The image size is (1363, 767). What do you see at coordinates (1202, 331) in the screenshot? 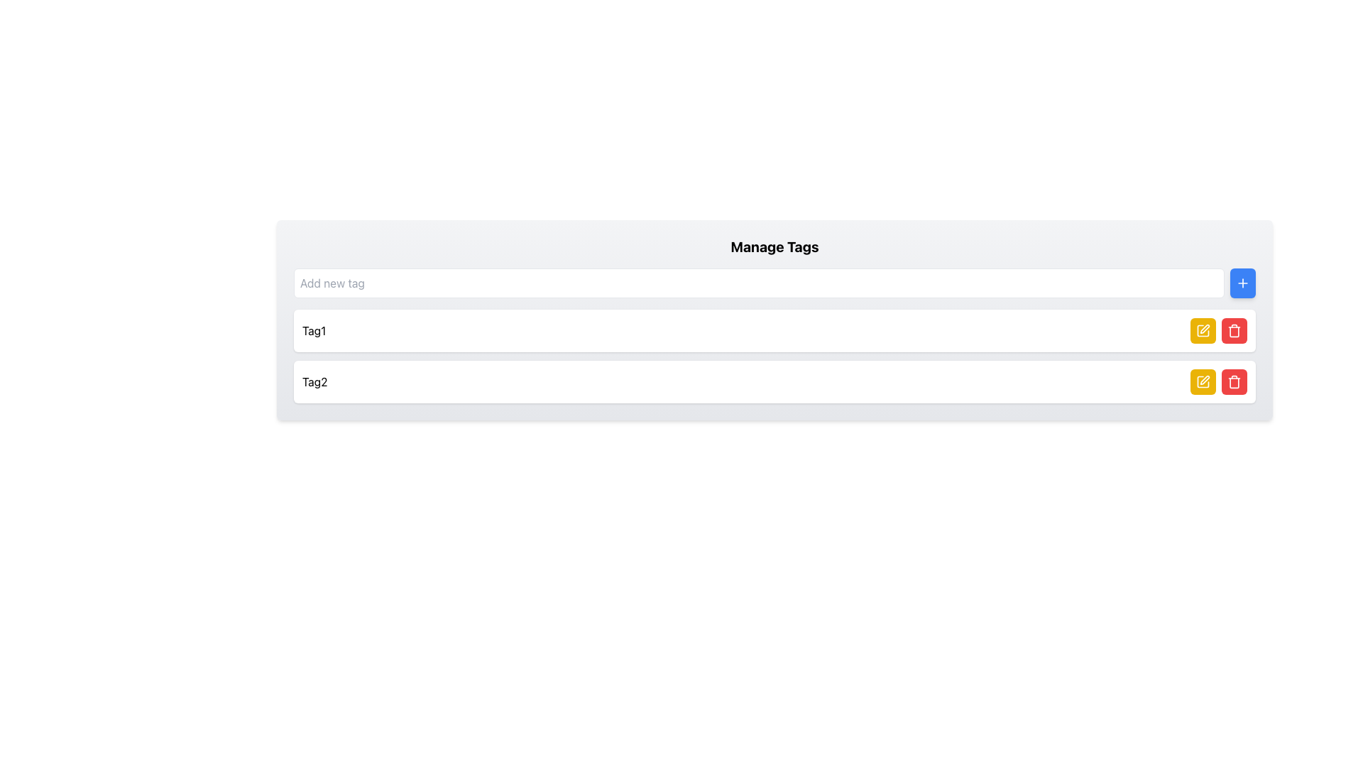
I see `the pen icon inside the yellow button located to the right of 'Tag2'` at bounding box center [1202, 331].